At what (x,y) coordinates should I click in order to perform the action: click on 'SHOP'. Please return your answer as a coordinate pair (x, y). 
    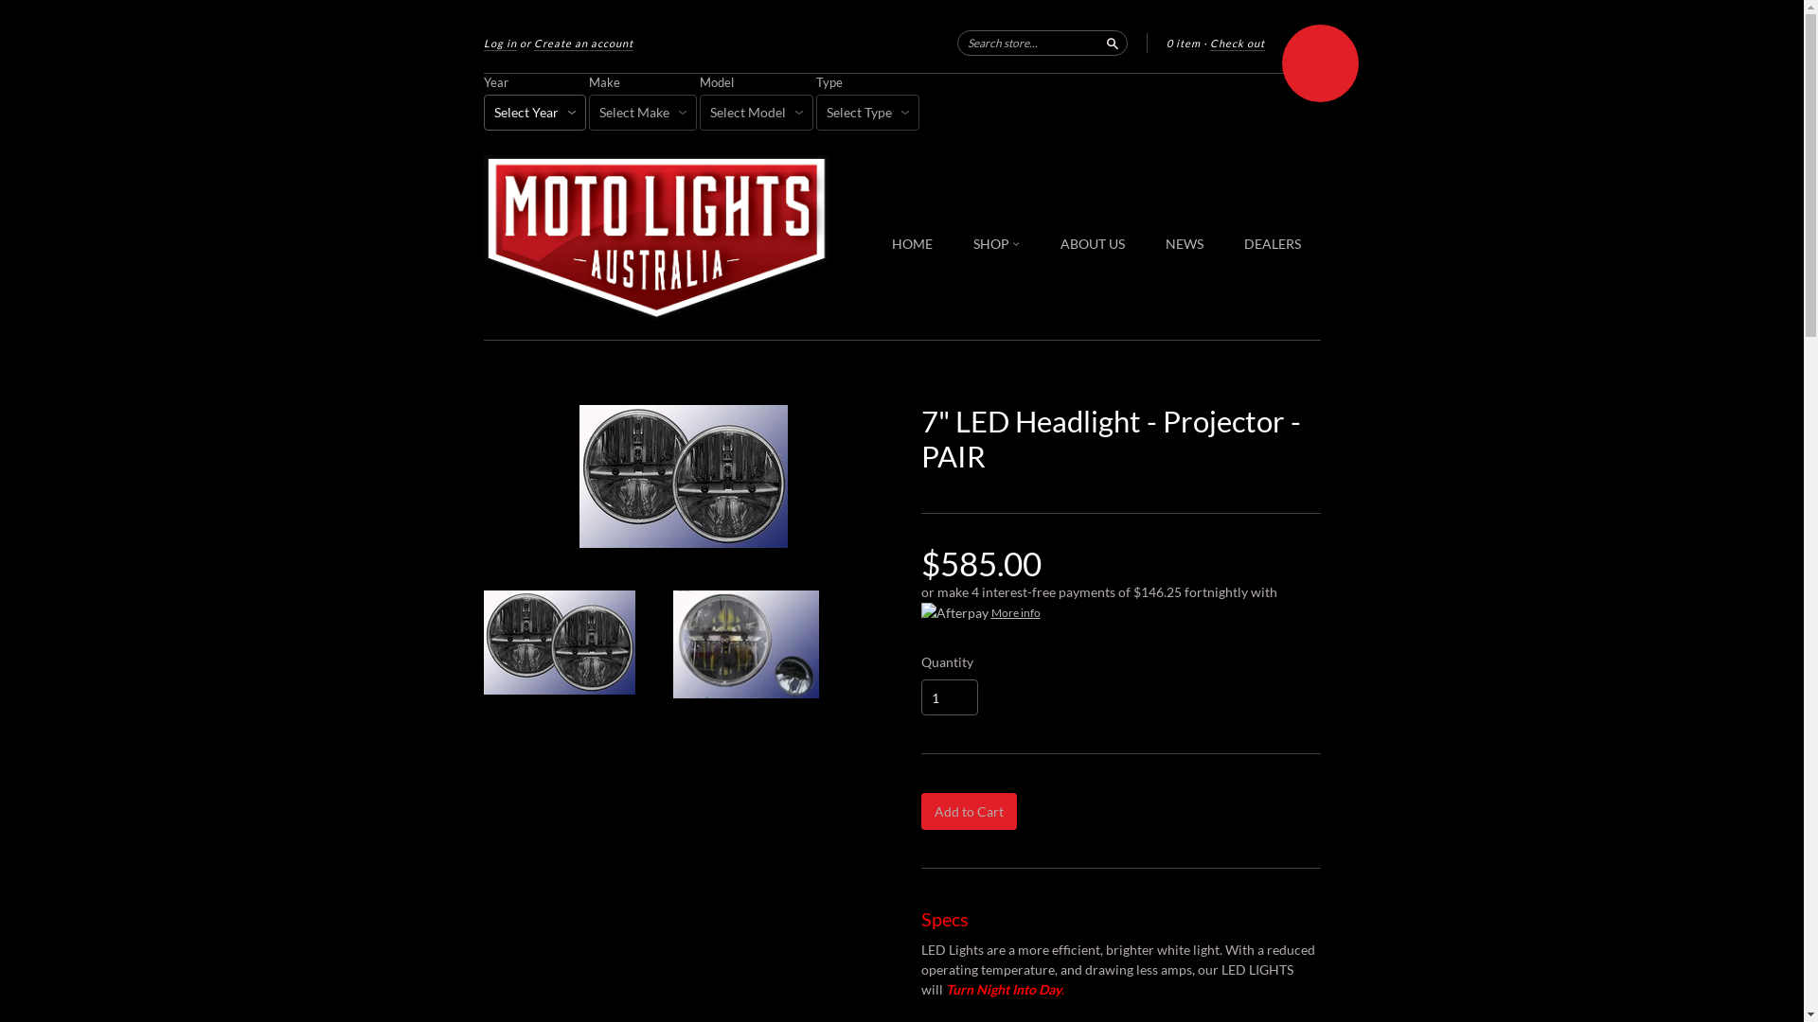
    Looking at the image, I should click on (995, 243).